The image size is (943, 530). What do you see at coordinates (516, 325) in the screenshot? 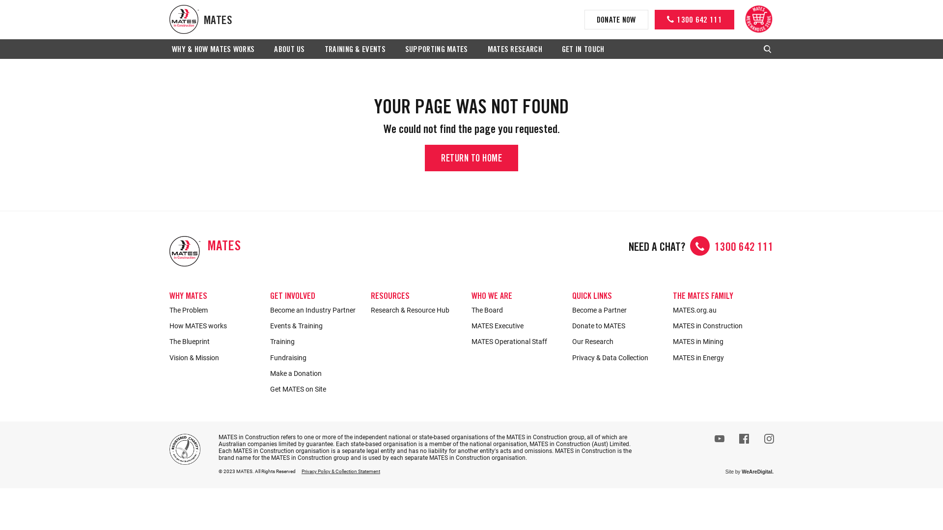
I see `'MATES Executive'` at bounding box center [516, 325].